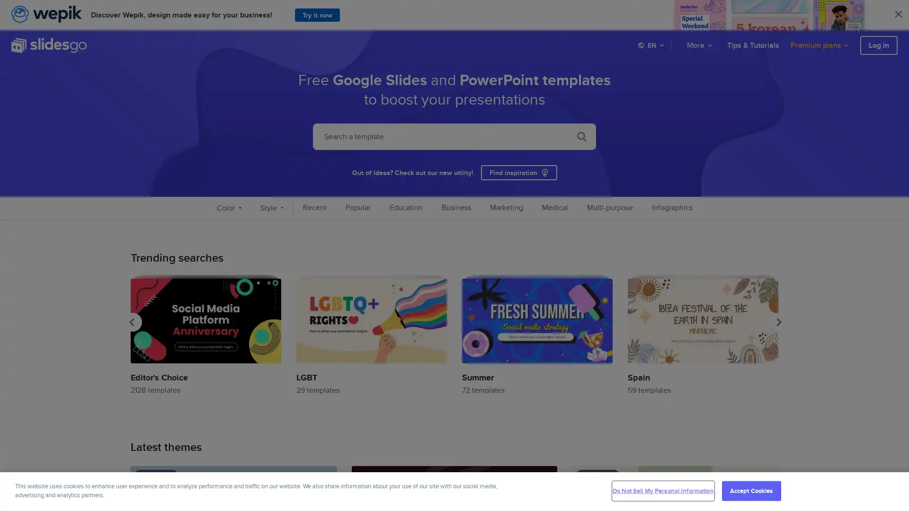 This screenshot has height=511, width=909. Describe the element at coordinates (617, 45) in the screenshot. I see `Search button` at that location.